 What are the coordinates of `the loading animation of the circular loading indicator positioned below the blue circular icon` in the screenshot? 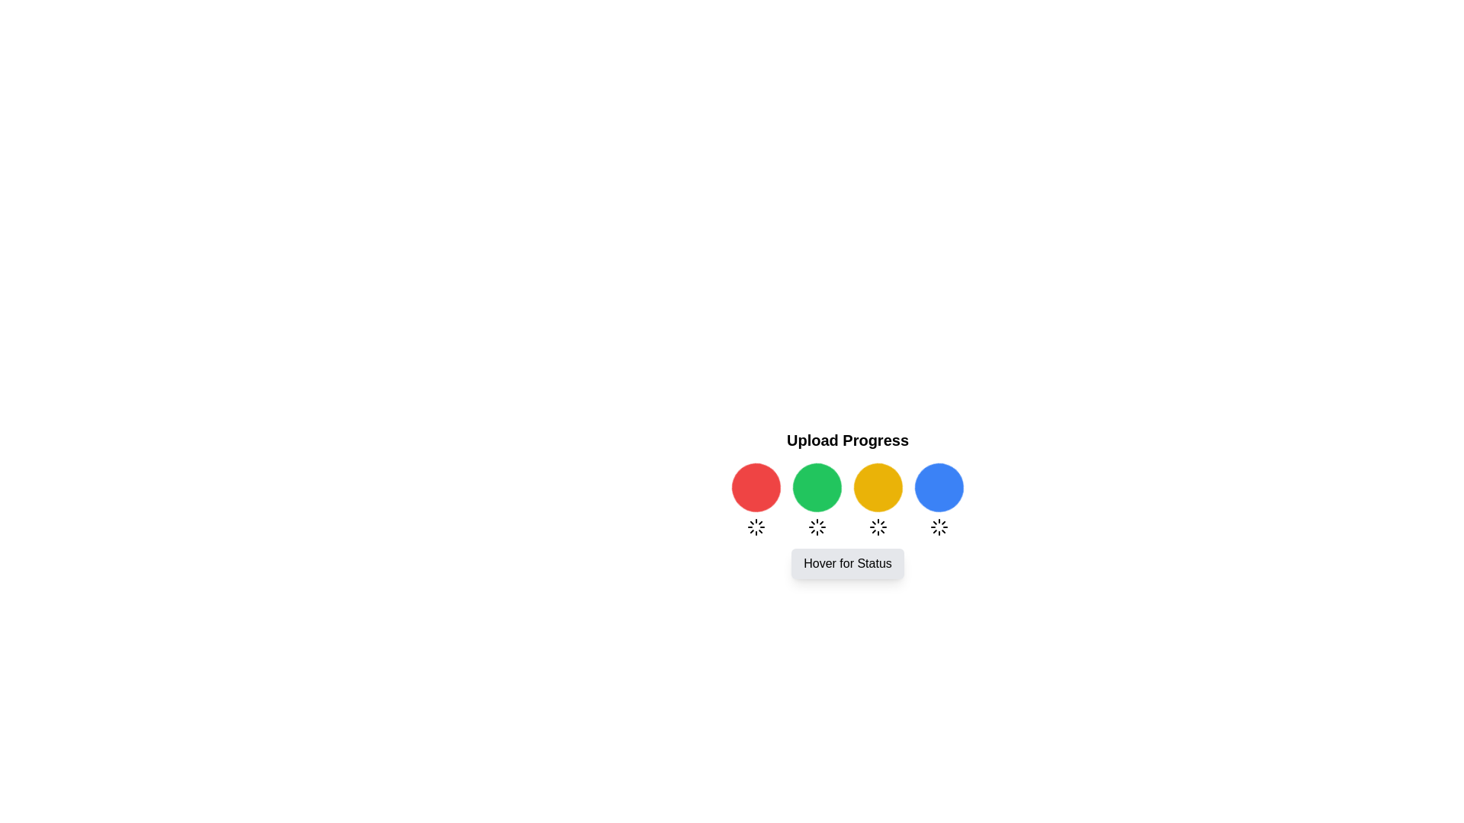 It's located at (939, 526).